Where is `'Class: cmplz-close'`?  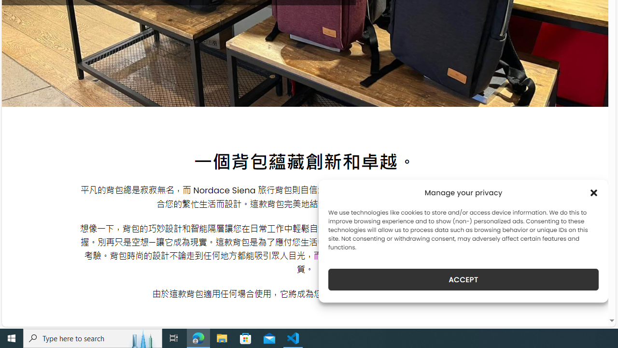
'Class: cmplz-close' is located at coordinates (593, 192).